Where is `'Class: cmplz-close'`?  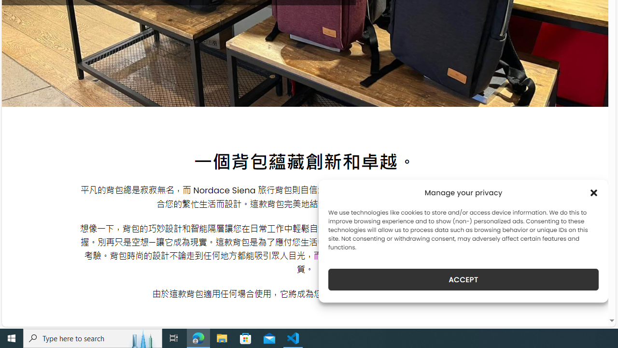
'Class: cmplz-close' is located at coordinates (593, 192).